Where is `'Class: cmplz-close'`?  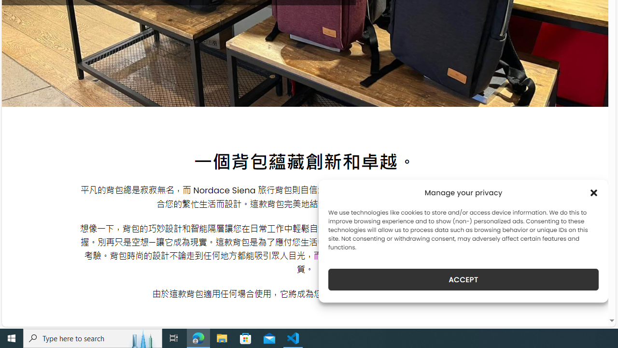
'Class: cmplz-close' is located at coordinates (593, 192).